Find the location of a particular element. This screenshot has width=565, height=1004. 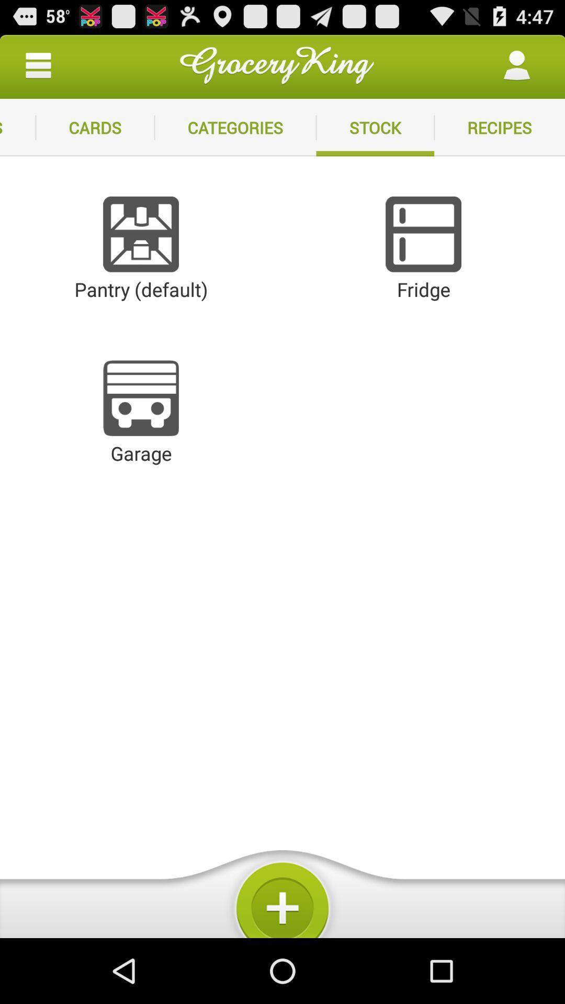

icon next to the recipes is located at coordinates (375, 127).